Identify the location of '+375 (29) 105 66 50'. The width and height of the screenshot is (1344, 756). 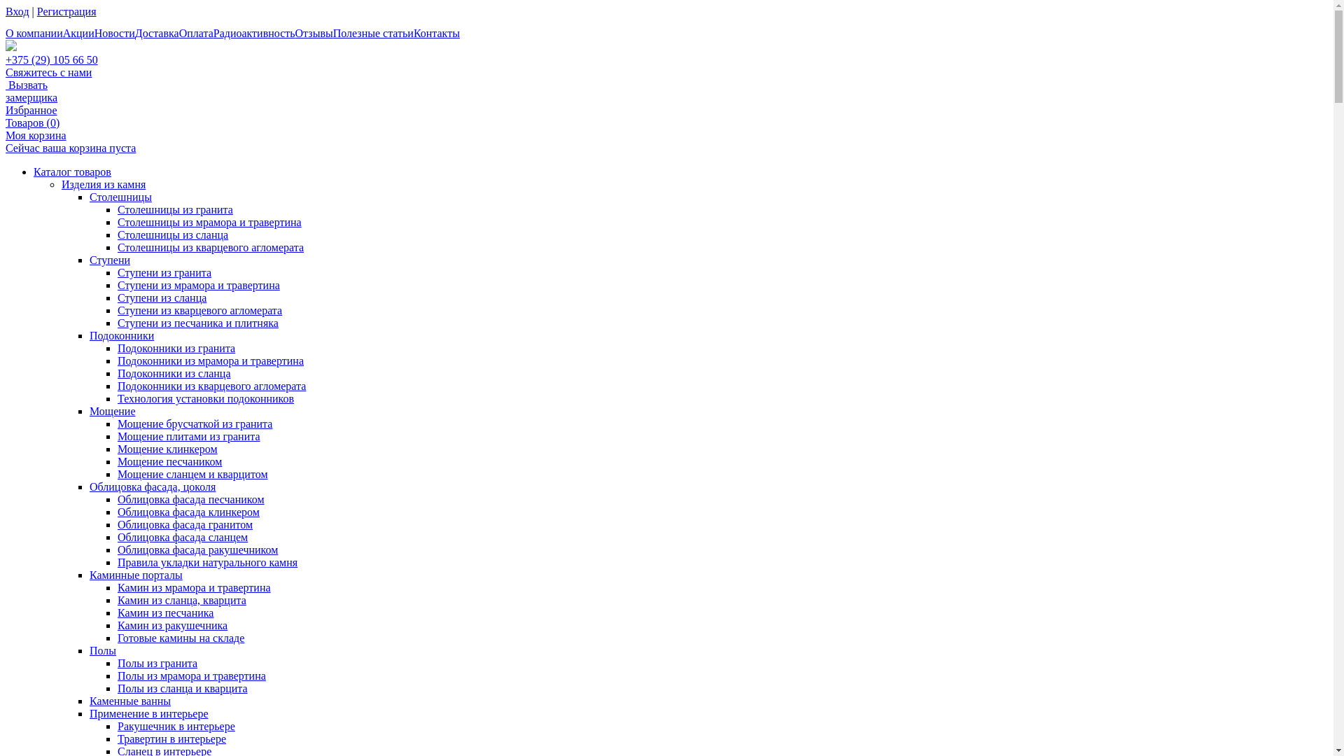
(6, 59).